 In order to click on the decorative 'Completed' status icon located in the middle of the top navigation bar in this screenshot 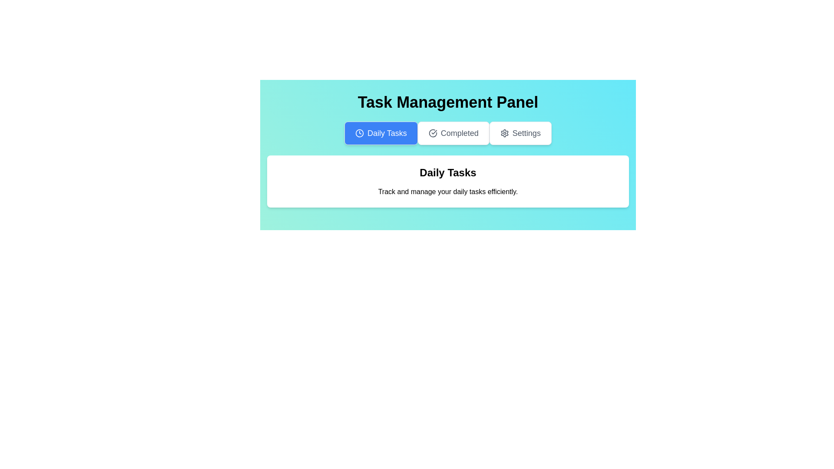, I will do `click(433, 133)`.